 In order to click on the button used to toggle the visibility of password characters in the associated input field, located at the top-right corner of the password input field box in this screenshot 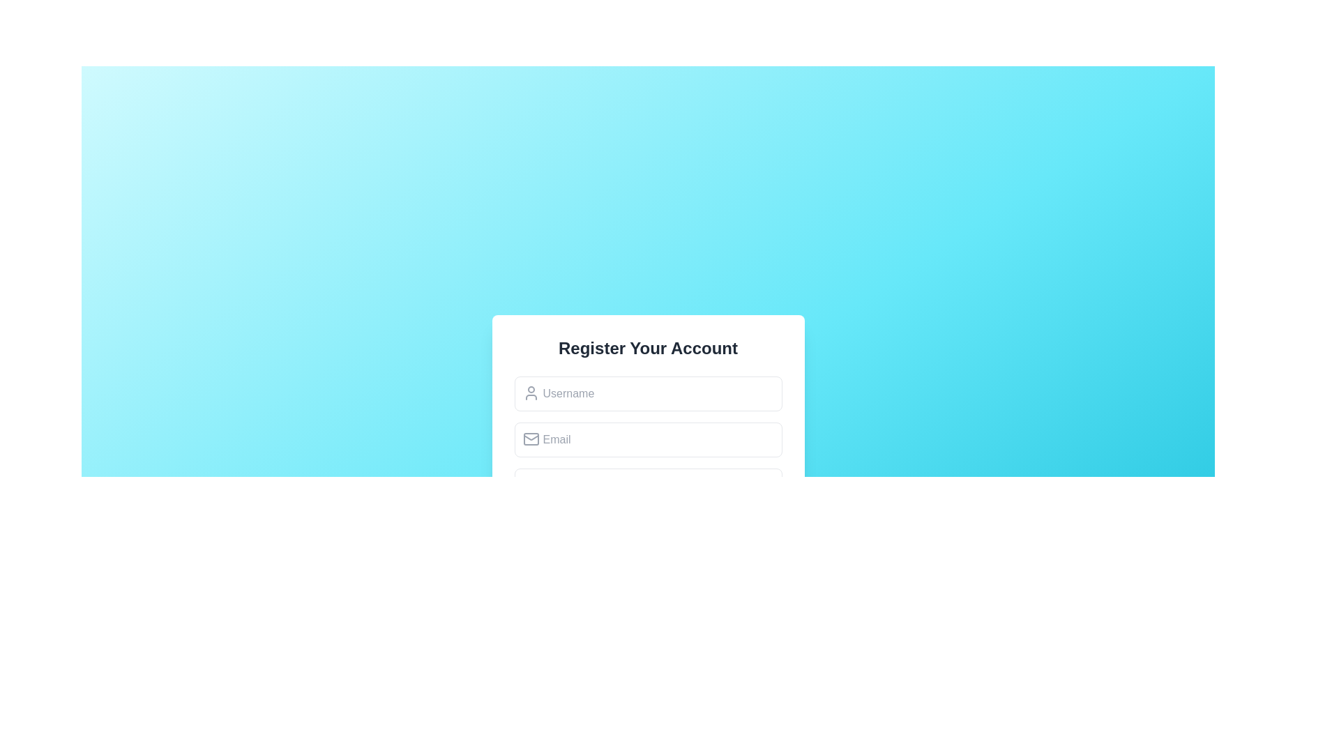, I will do `click(764, 484)`.